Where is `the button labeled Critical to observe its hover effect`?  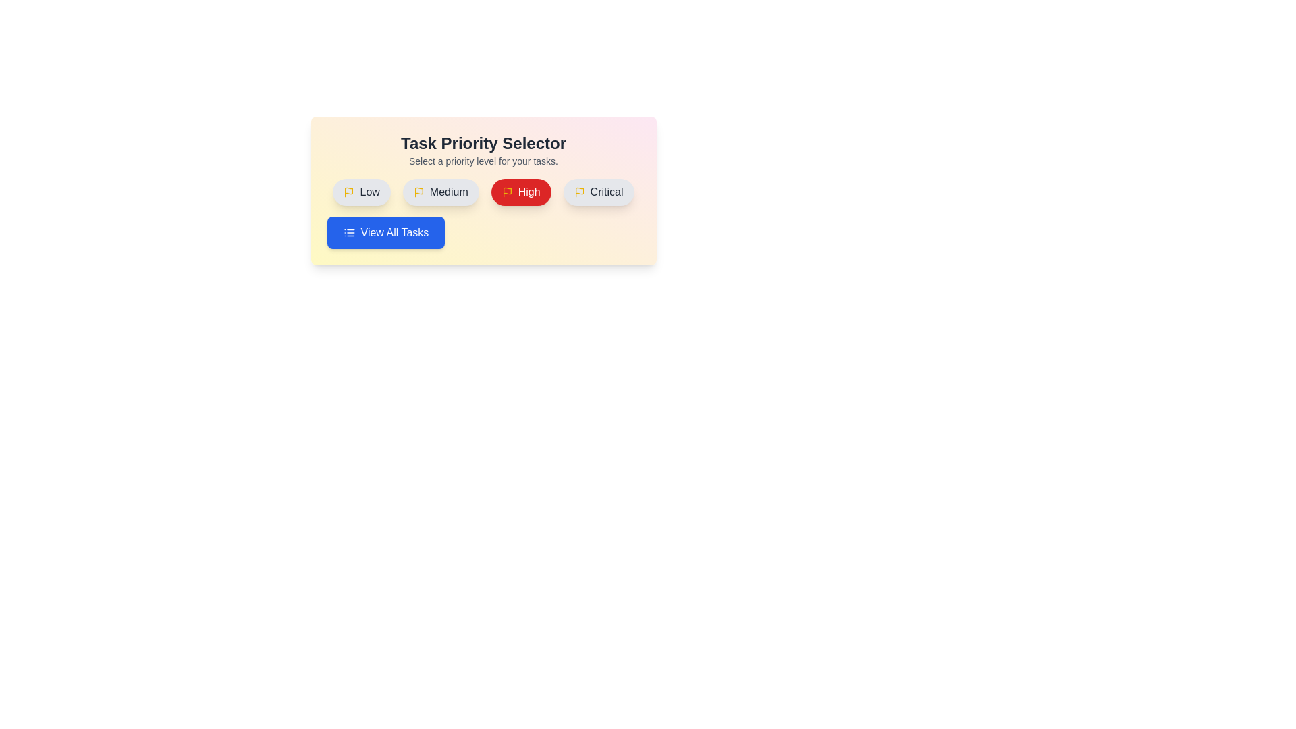 the button labeled Critical to observe its hover effect is located at coordinates (598, 192).